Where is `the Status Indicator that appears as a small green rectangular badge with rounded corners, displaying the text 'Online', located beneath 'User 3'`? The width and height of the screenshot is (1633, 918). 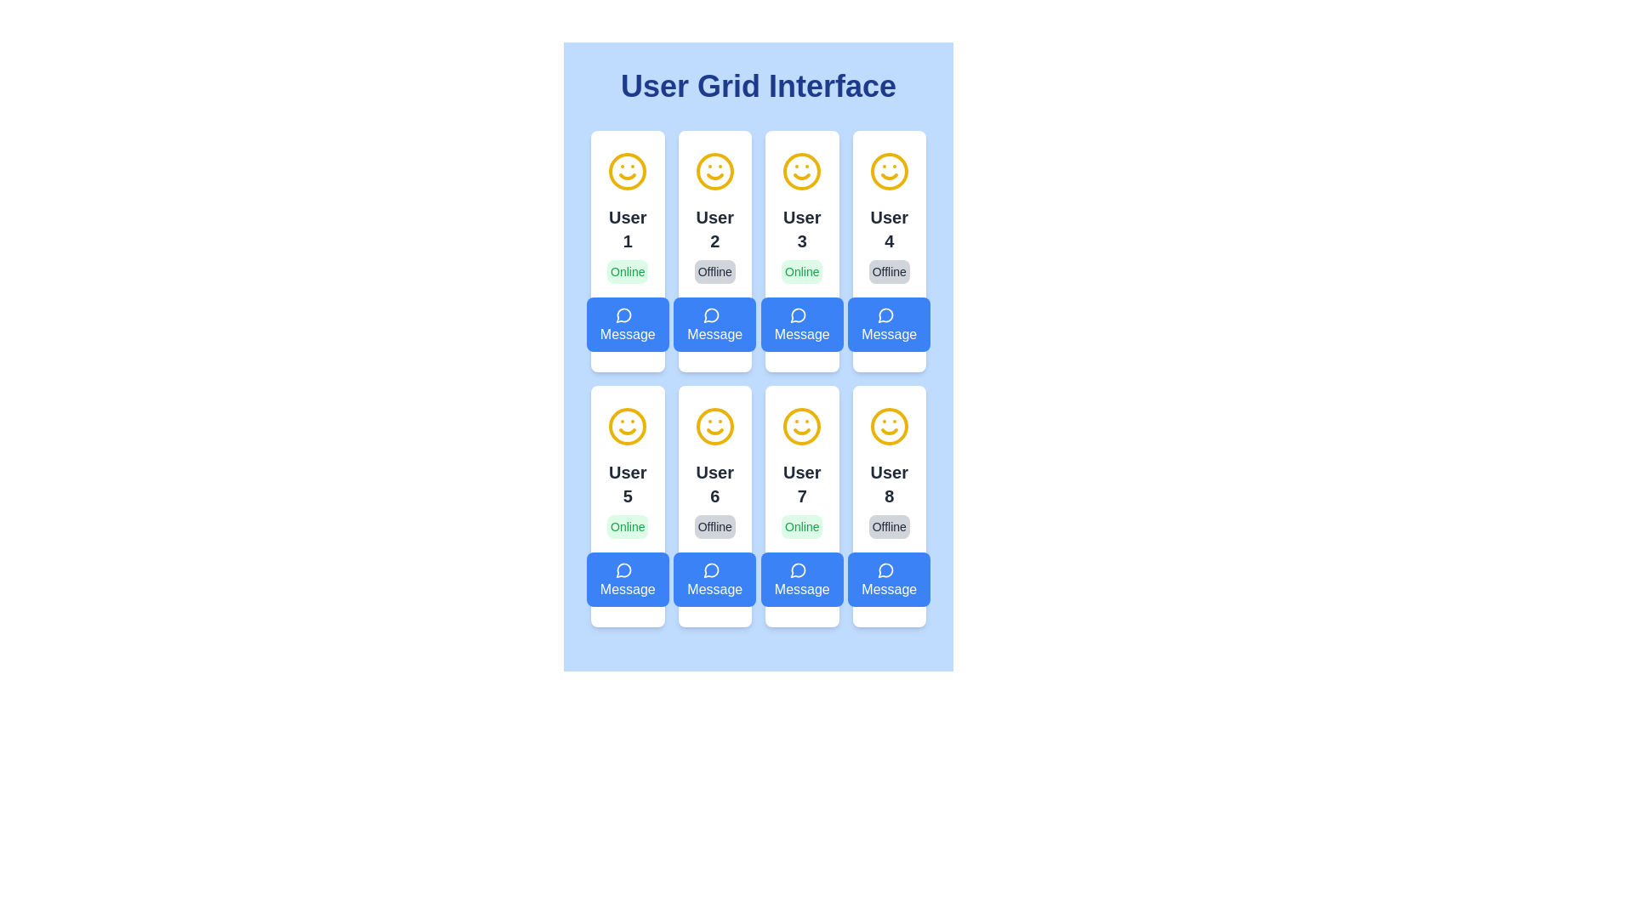 the Status Indicator that appears as a small green rectangular badge with rounded corners, displaying the text 'Online', located beneath 'User 3' is located at coordinates (801, 271).